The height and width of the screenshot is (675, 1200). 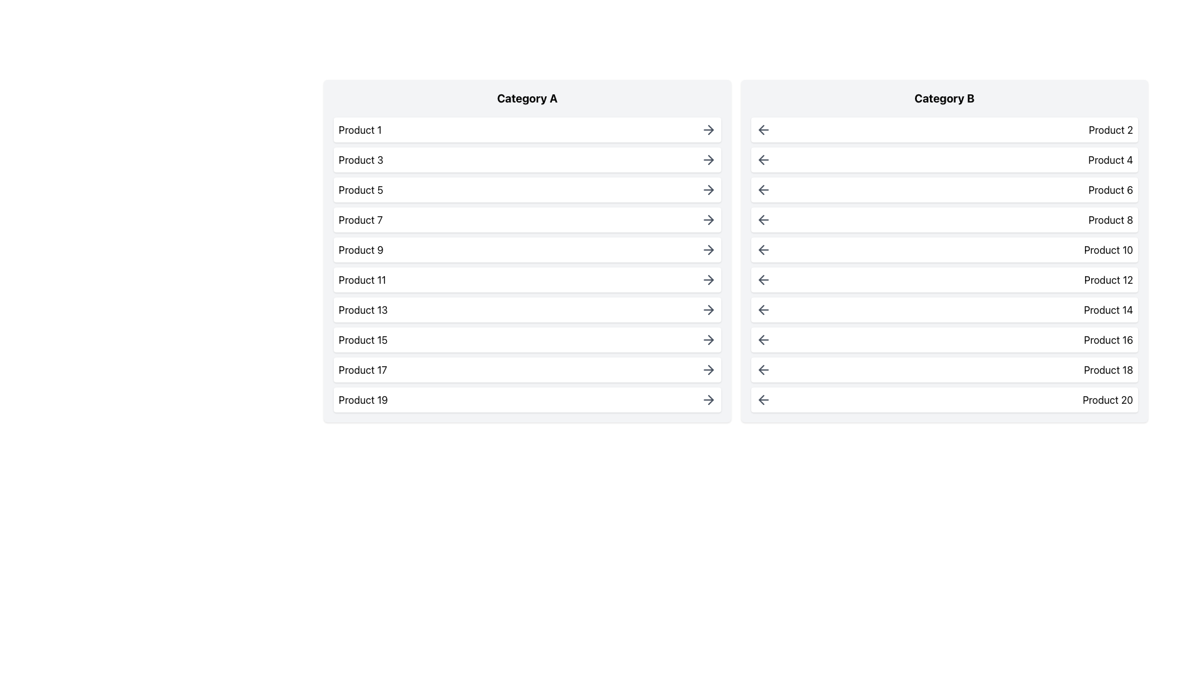 What do you see at coordinates (711, 159) in the screenshot?
I see `keyboard navigation` at bounding box center [711, 159].